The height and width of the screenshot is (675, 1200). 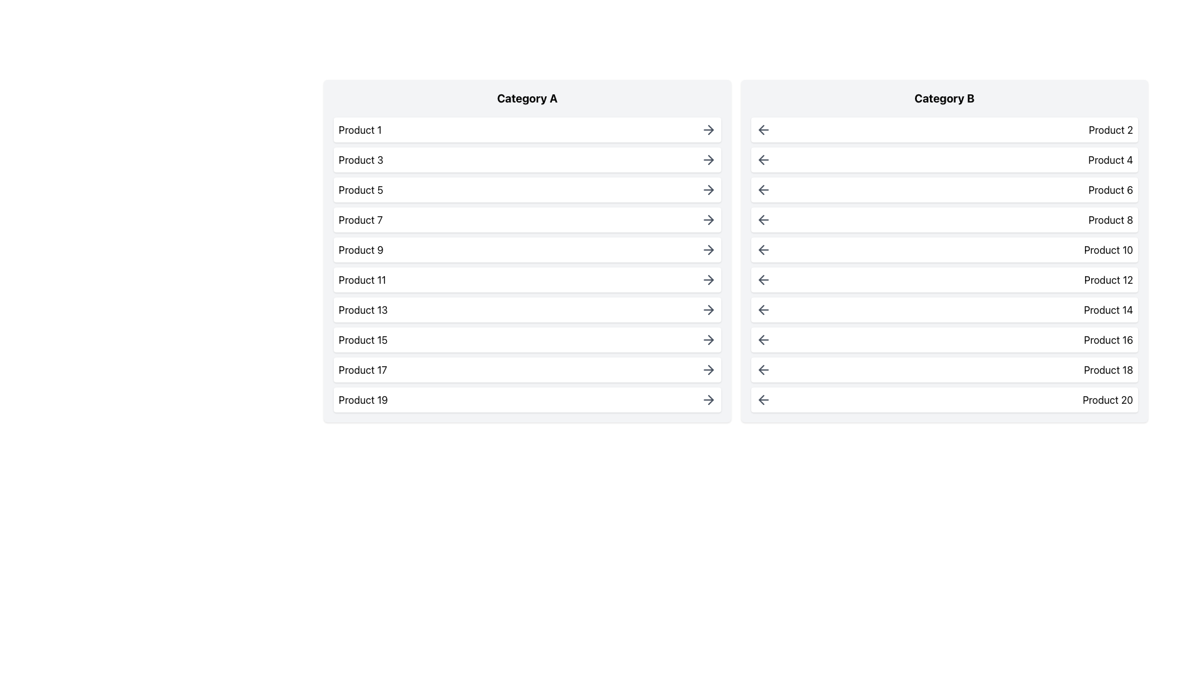 What do you see at coordinates (711, 159) in the screenshot?
I see `keyboard navigation` at bounding box center [711, 159].